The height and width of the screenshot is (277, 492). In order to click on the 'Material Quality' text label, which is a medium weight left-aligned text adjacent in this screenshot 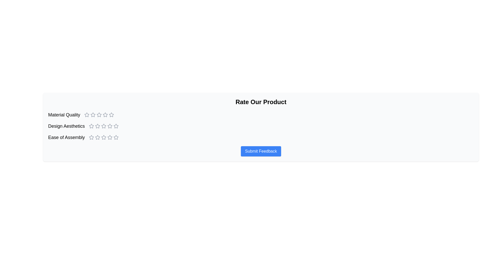, I will do `click(64, 114)`.